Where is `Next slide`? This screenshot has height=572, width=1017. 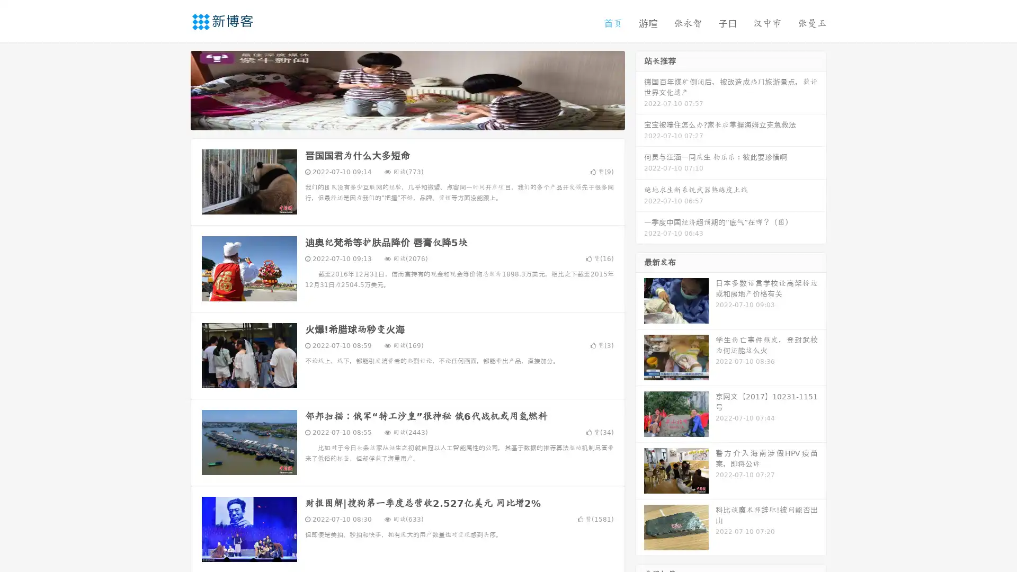
Next slide is located at coordinates (640, 89).